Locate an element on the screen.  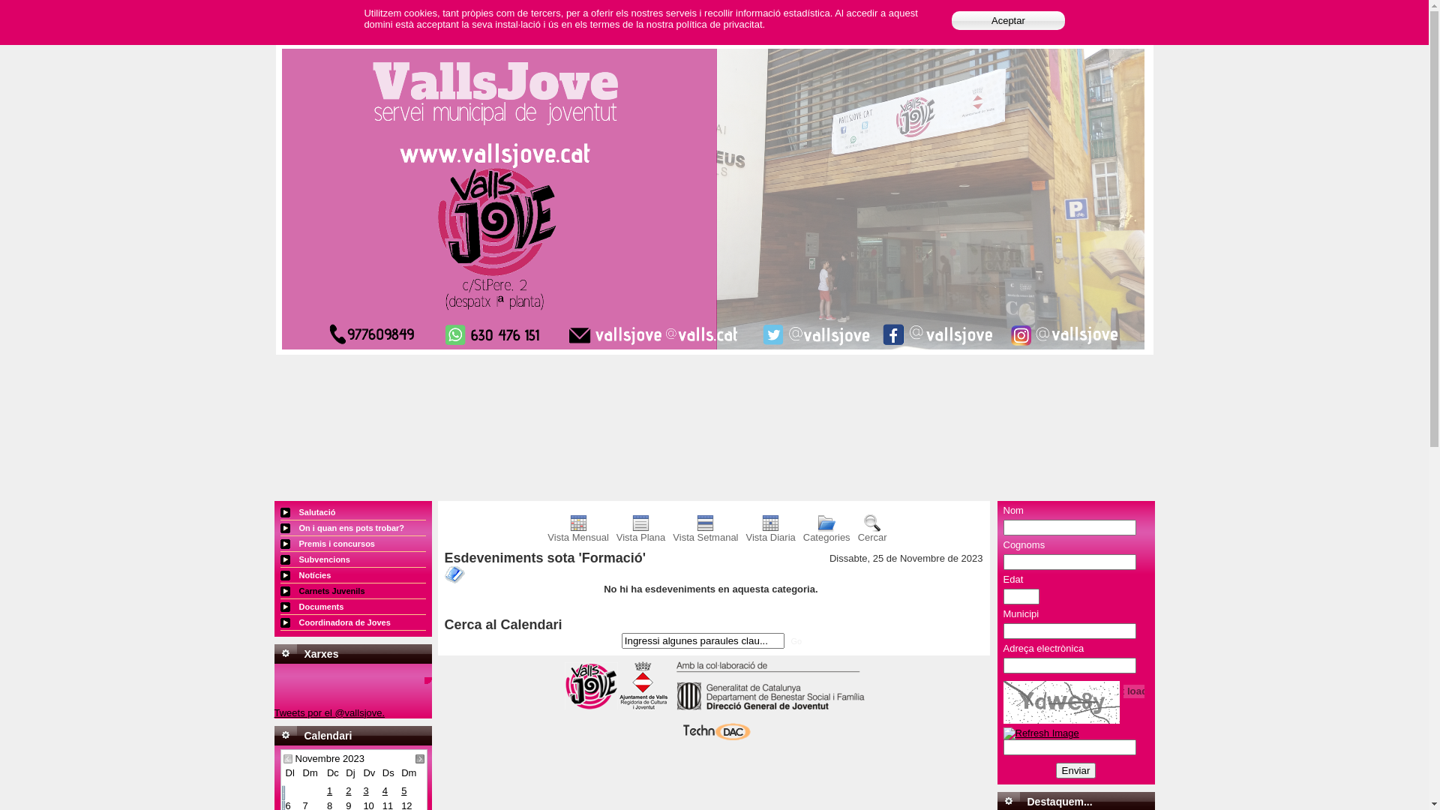
'Secretaria General de la Joventut' is located at coordinates (766, 706).